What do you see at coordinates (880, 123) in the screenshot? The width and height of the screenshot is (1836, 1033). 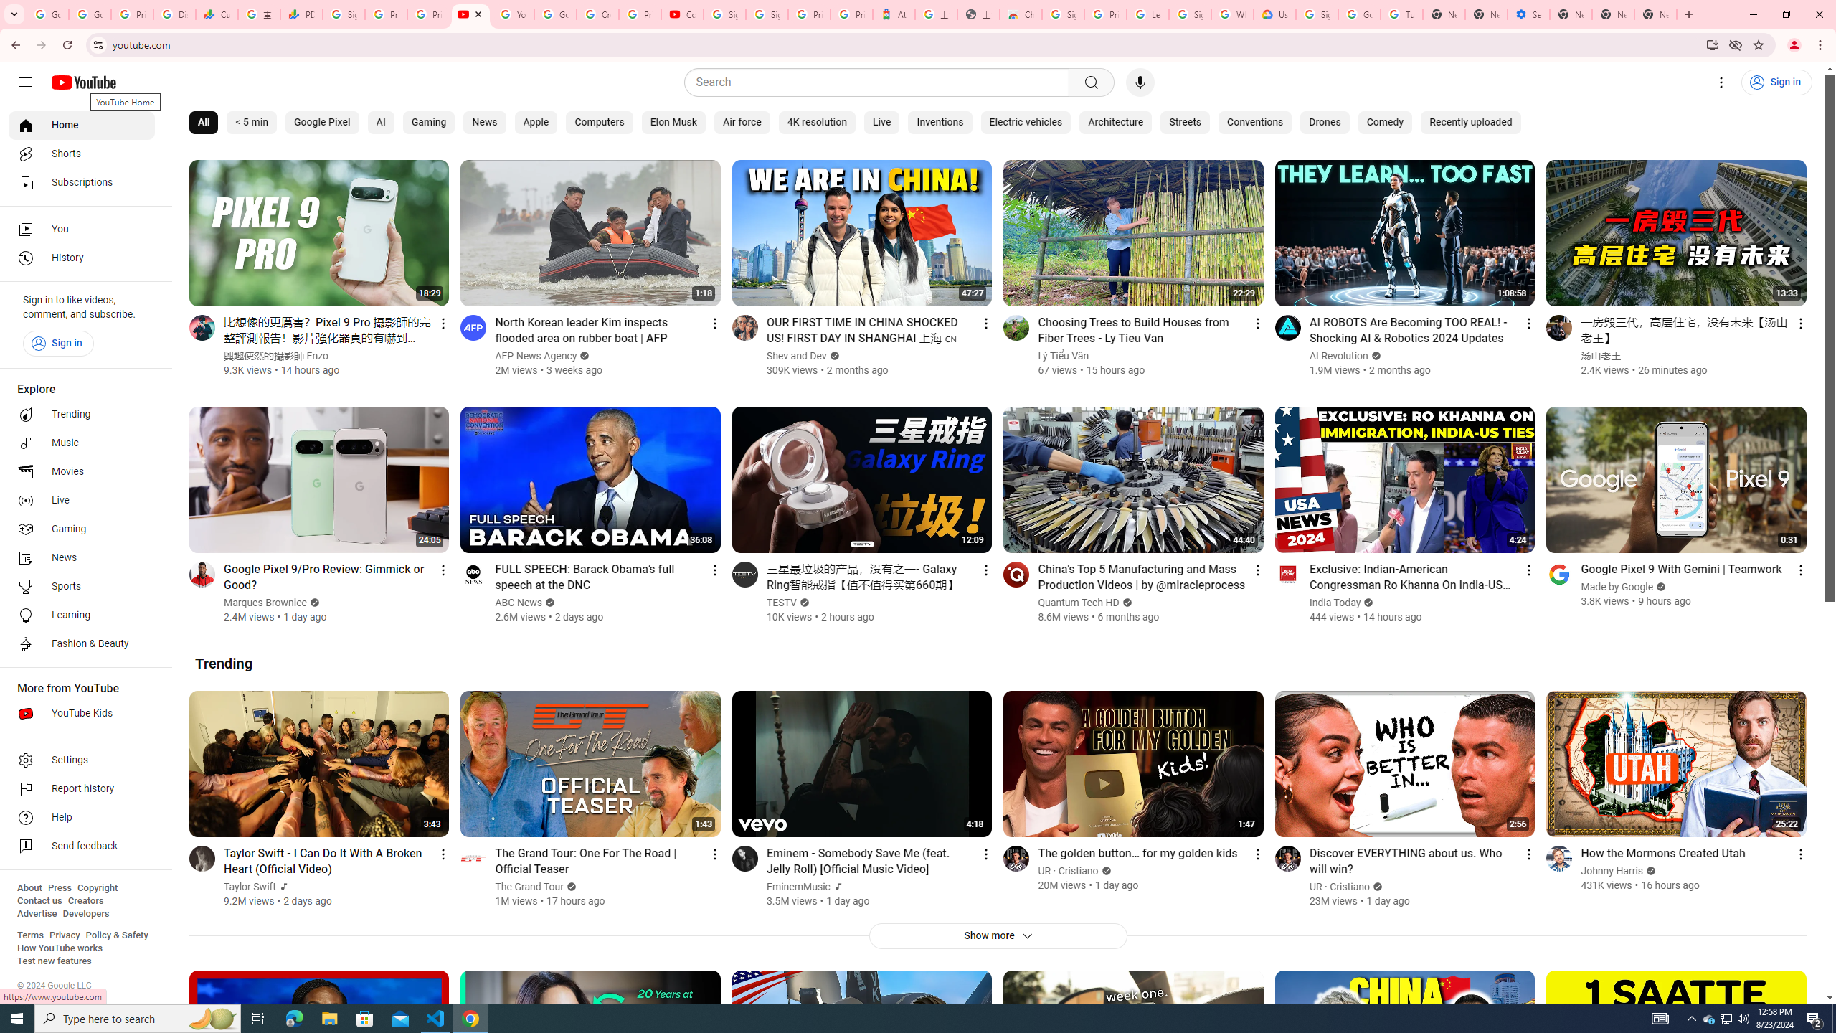 I see `'Live'` at bounding box center [880, 123].